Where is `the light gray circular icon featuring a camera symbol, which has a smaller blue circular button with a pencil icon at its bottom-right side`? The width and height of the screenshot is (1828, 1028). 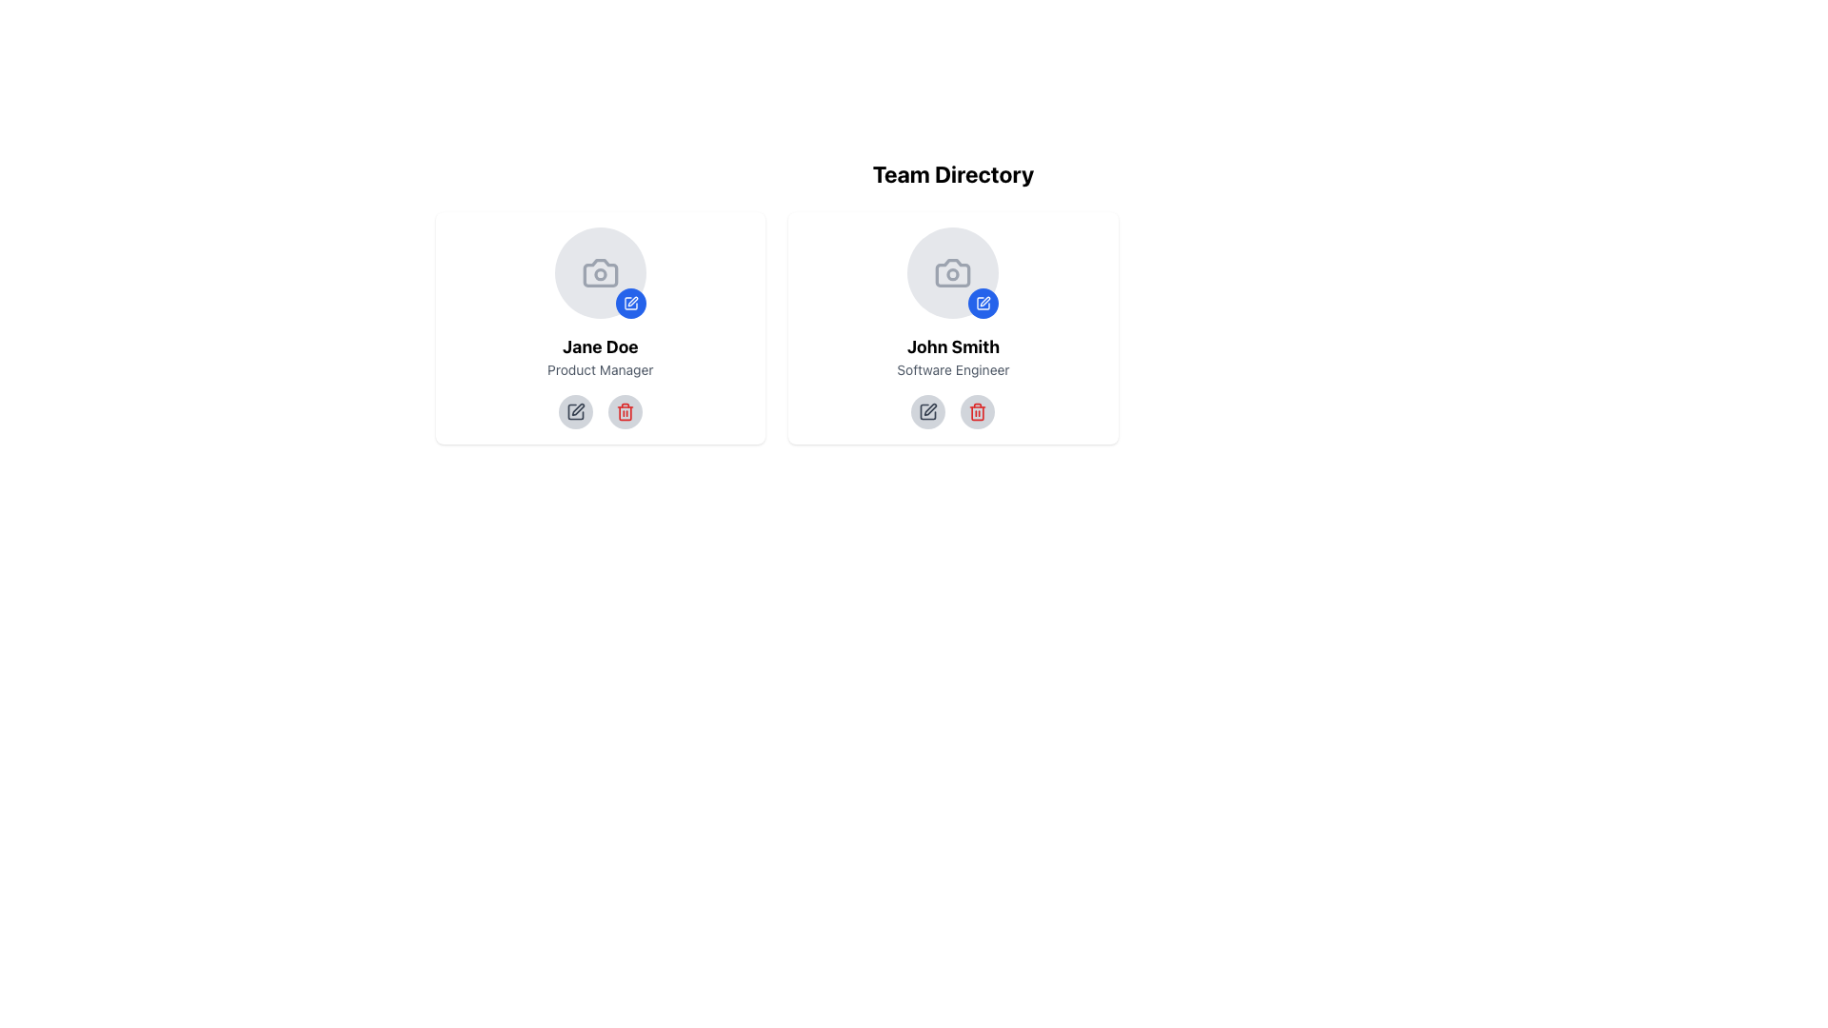
the light gray circular icon featuring a camera symbol, which has a smaller blue circular button with a pencil icon at its bottom-right side is located at coordinates (953, 272).